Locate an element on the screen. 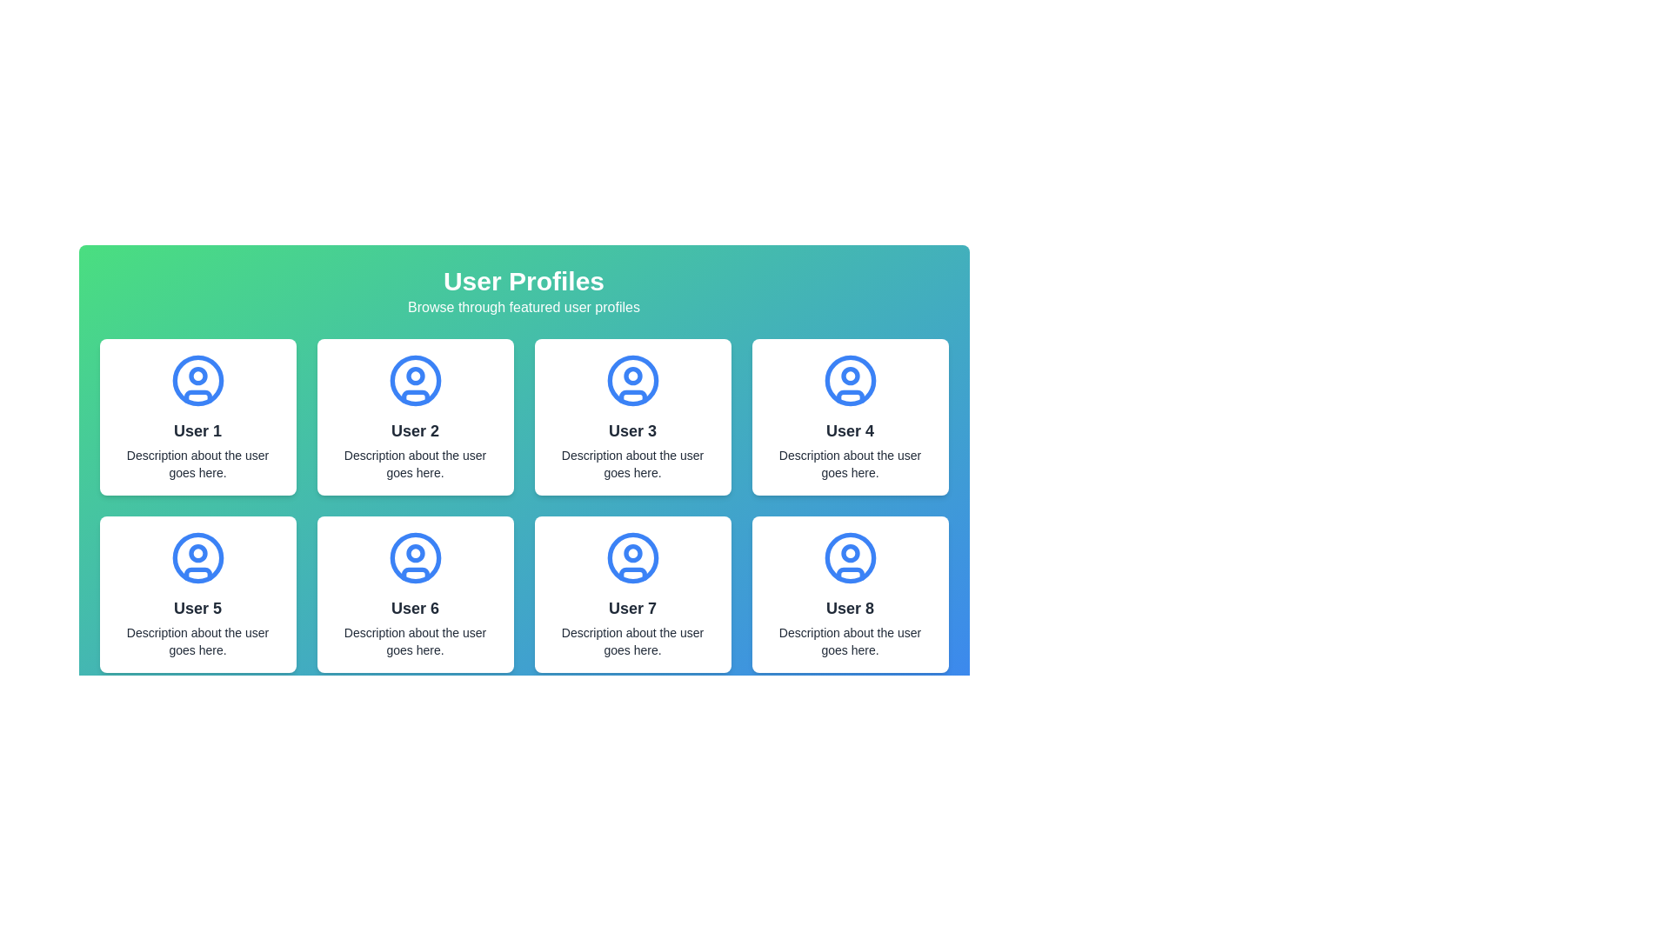 The width and height of the screenshot is (1670, 939). the user profile avatar icon located in the fifth card of user profiles, labeled 'User 5', which serves as a symbolic graphic for user identification is located at coordinates (197, 557).